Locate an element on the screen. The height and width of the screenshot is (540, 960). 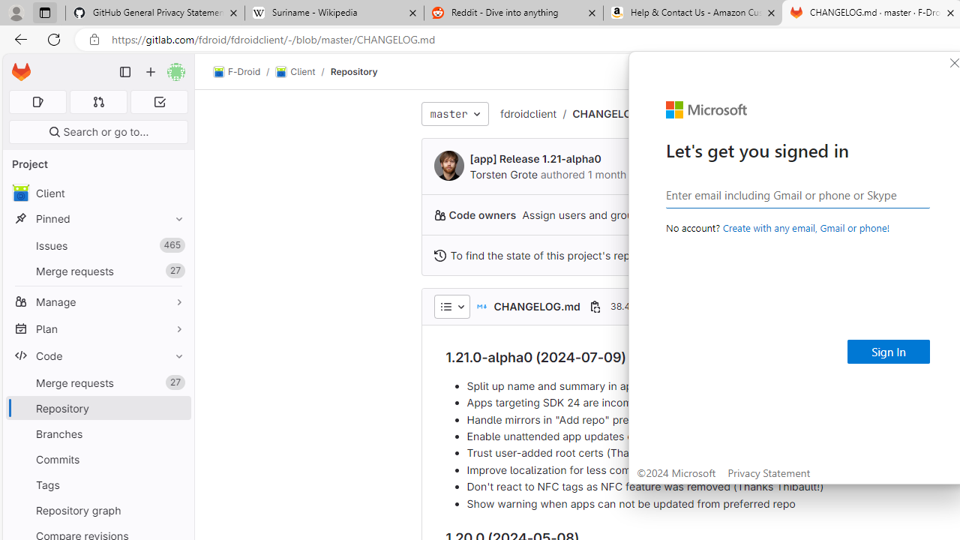
'Unpin Issues' is located at coordinates (175, 244).